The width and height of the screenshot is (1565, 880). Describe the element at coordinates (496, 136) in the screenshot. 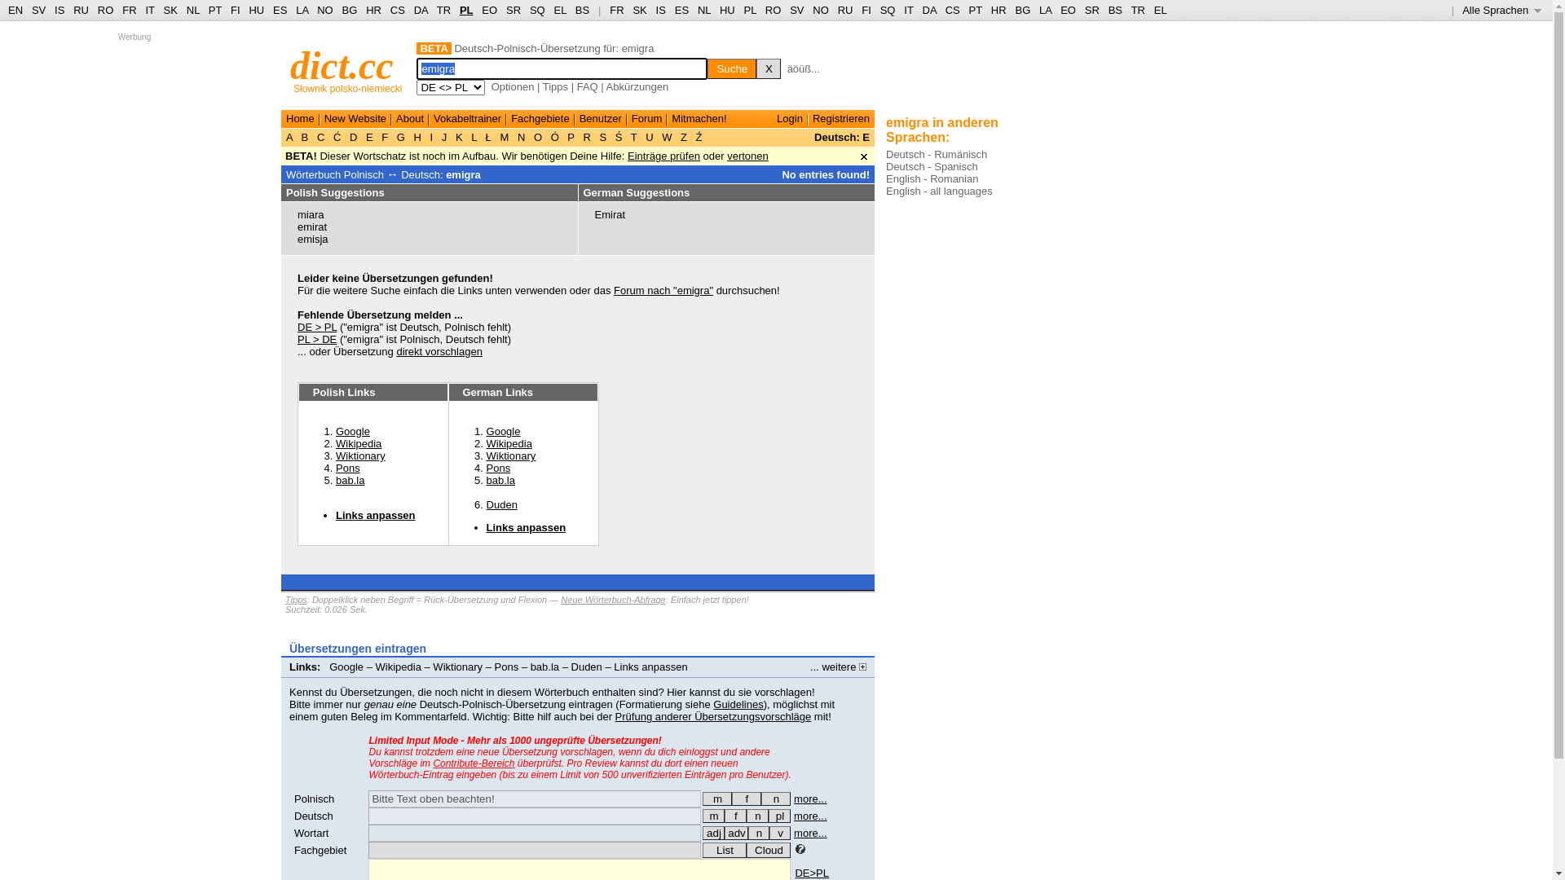

I see `'M'` at that location.